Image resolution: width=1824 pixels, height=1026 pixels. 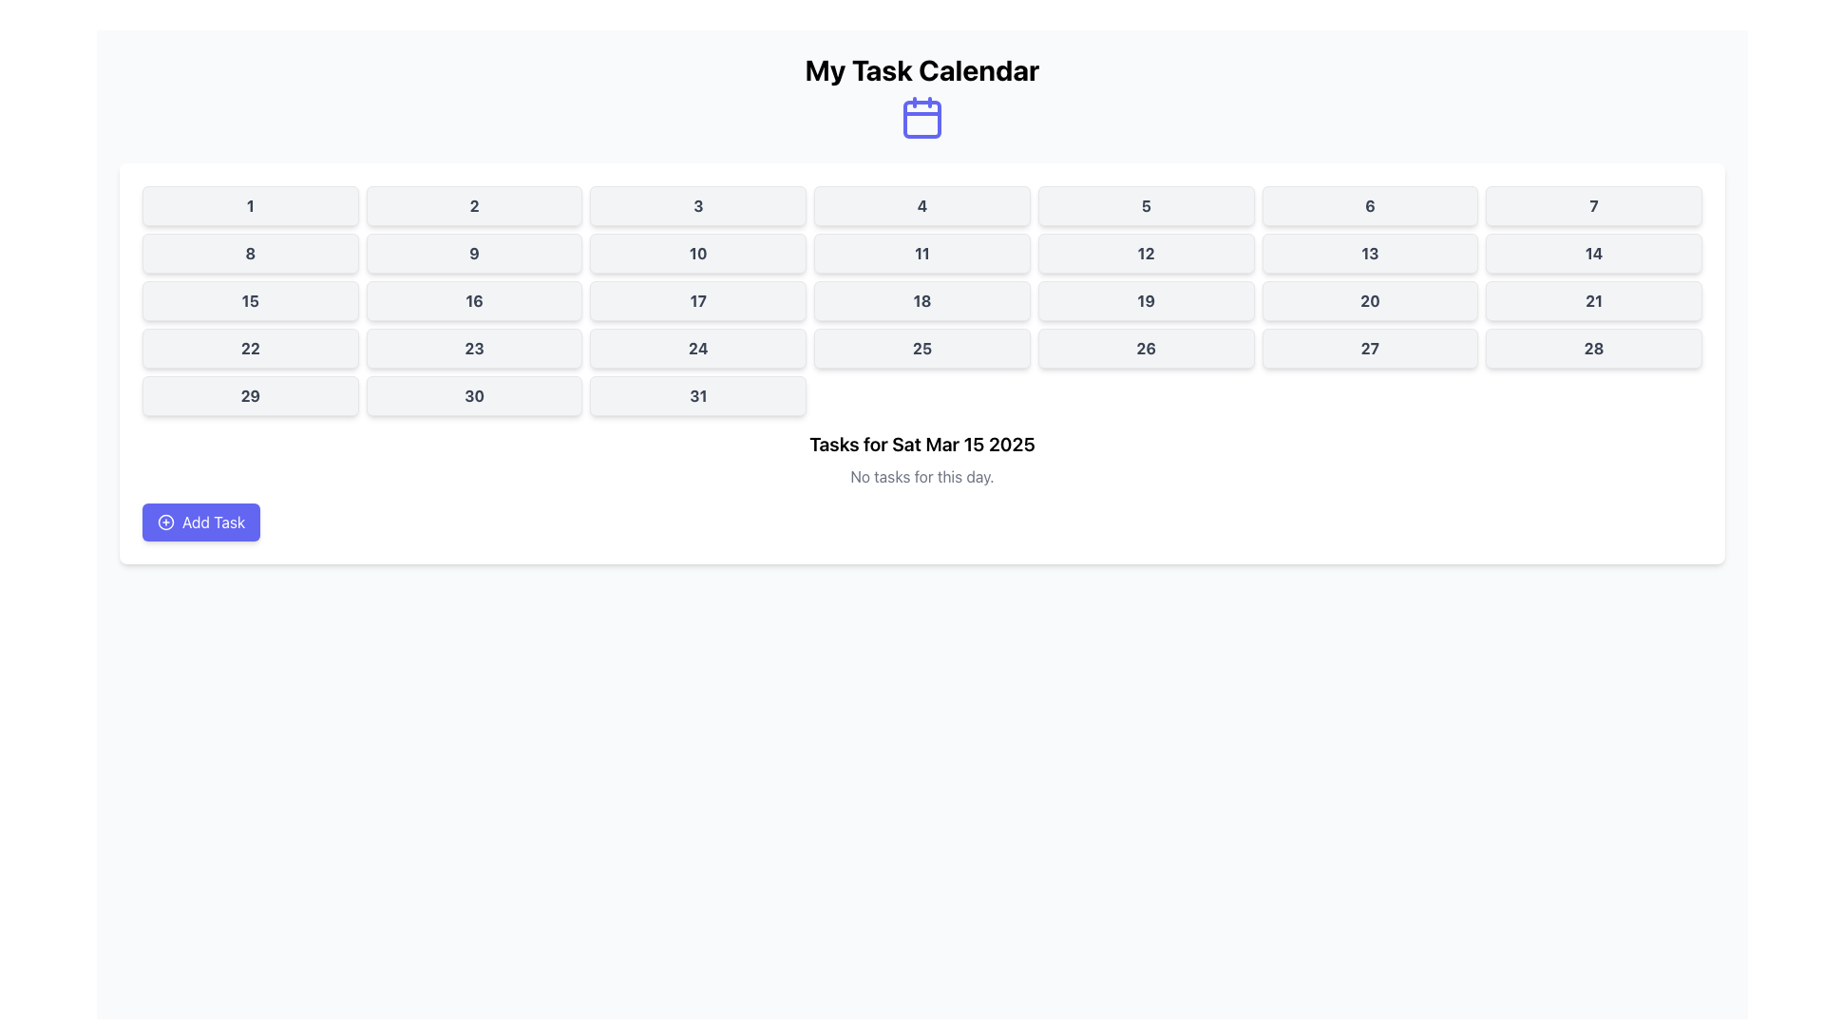 What do you see at coordinates (165, 522) in the screenshot?
I see `the small, circular outlined icon resembling a plus symbol, located within the 'Add Task' button in the lower-left corner of the calendar interface` at bounding box center [165, 522].